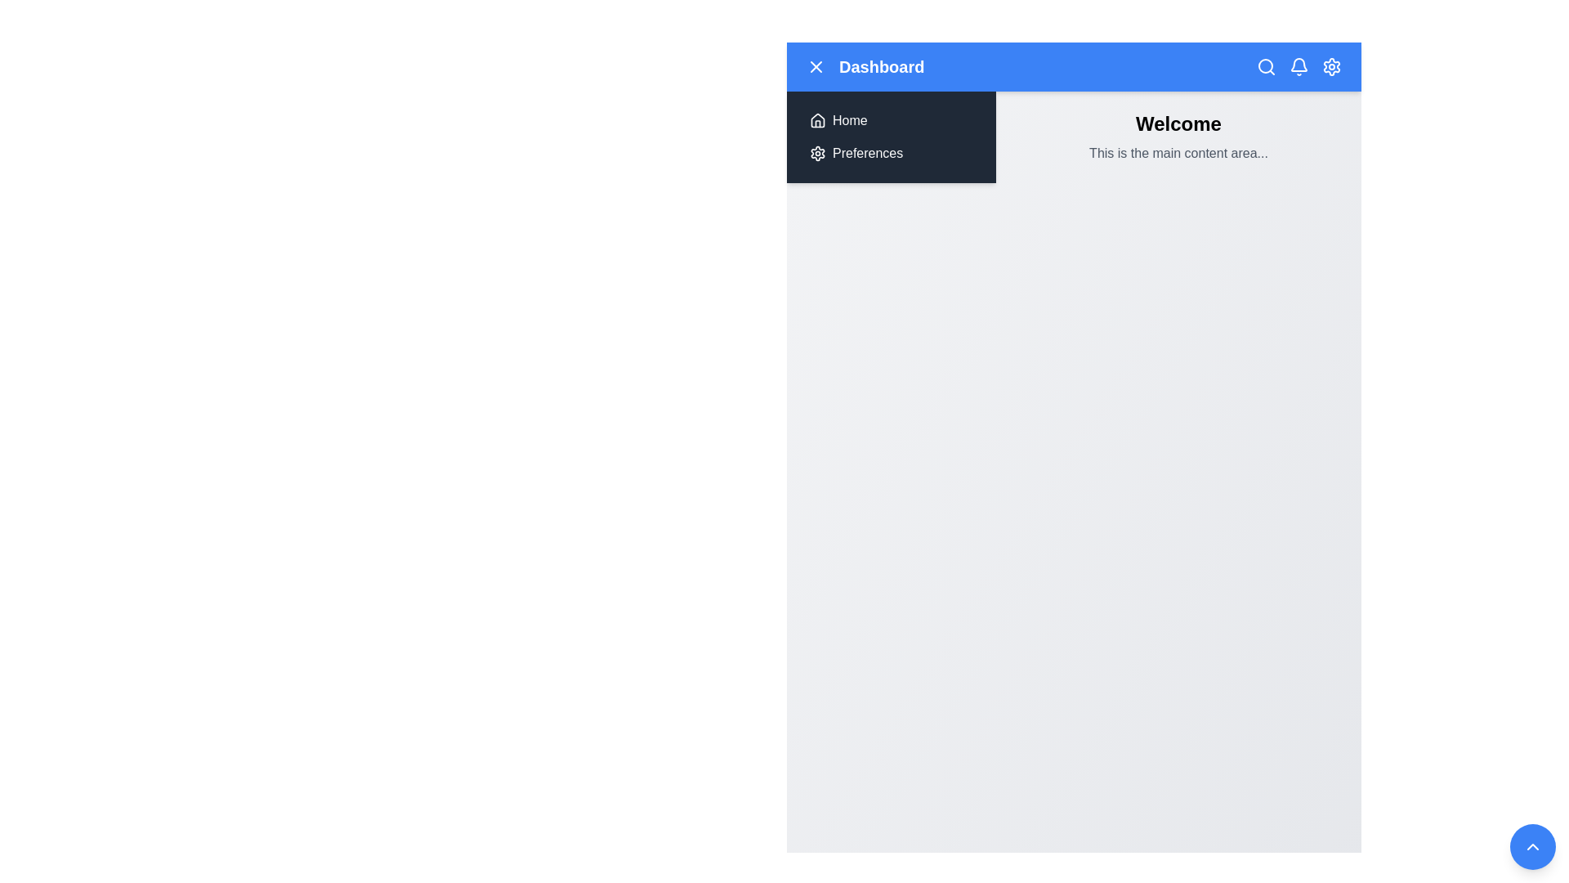 This screenshot has width=1569, height=883. Describe the element at coordinates (1332, 65) in the screenshot. I see `the settings icon located on the far right side of the blue header bar` at that location.